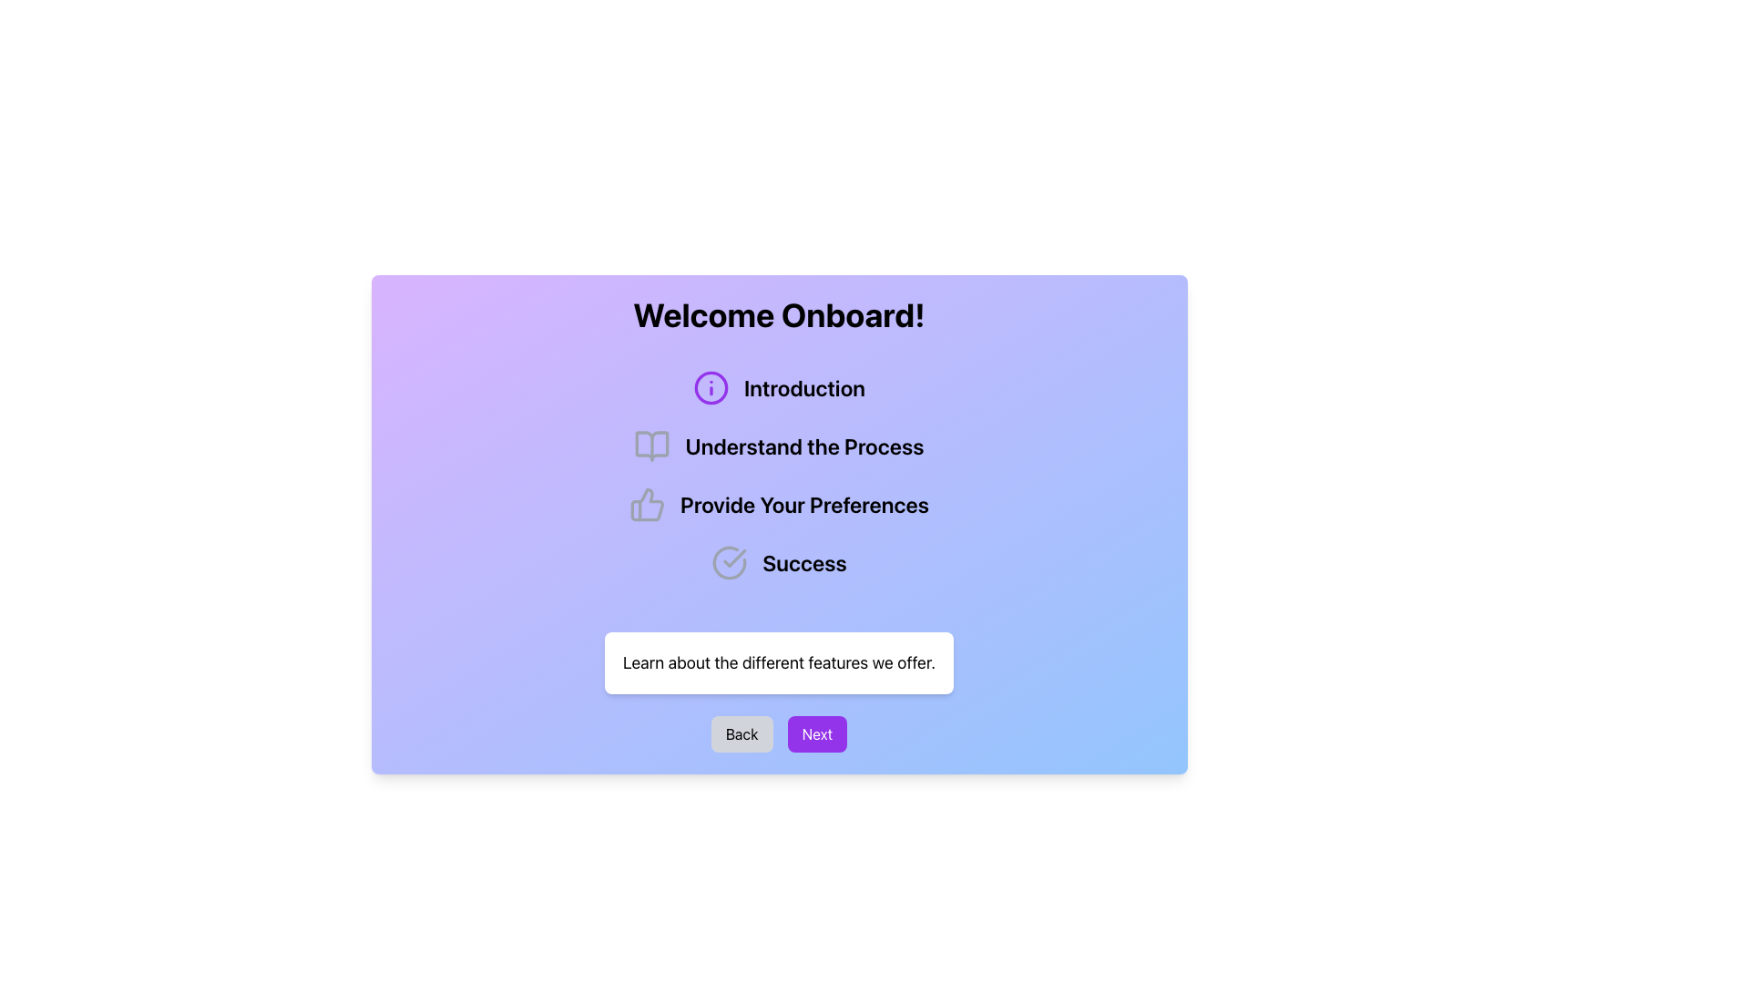 This screenshot has height=984, width=1749. What do you see at coordinates (779, 505) in the screenshot?
I see `the Step Label with Icon that displays the text 'Provide Your Preferences', which is the third item in the vertical list` at bounding box center [779, 505].